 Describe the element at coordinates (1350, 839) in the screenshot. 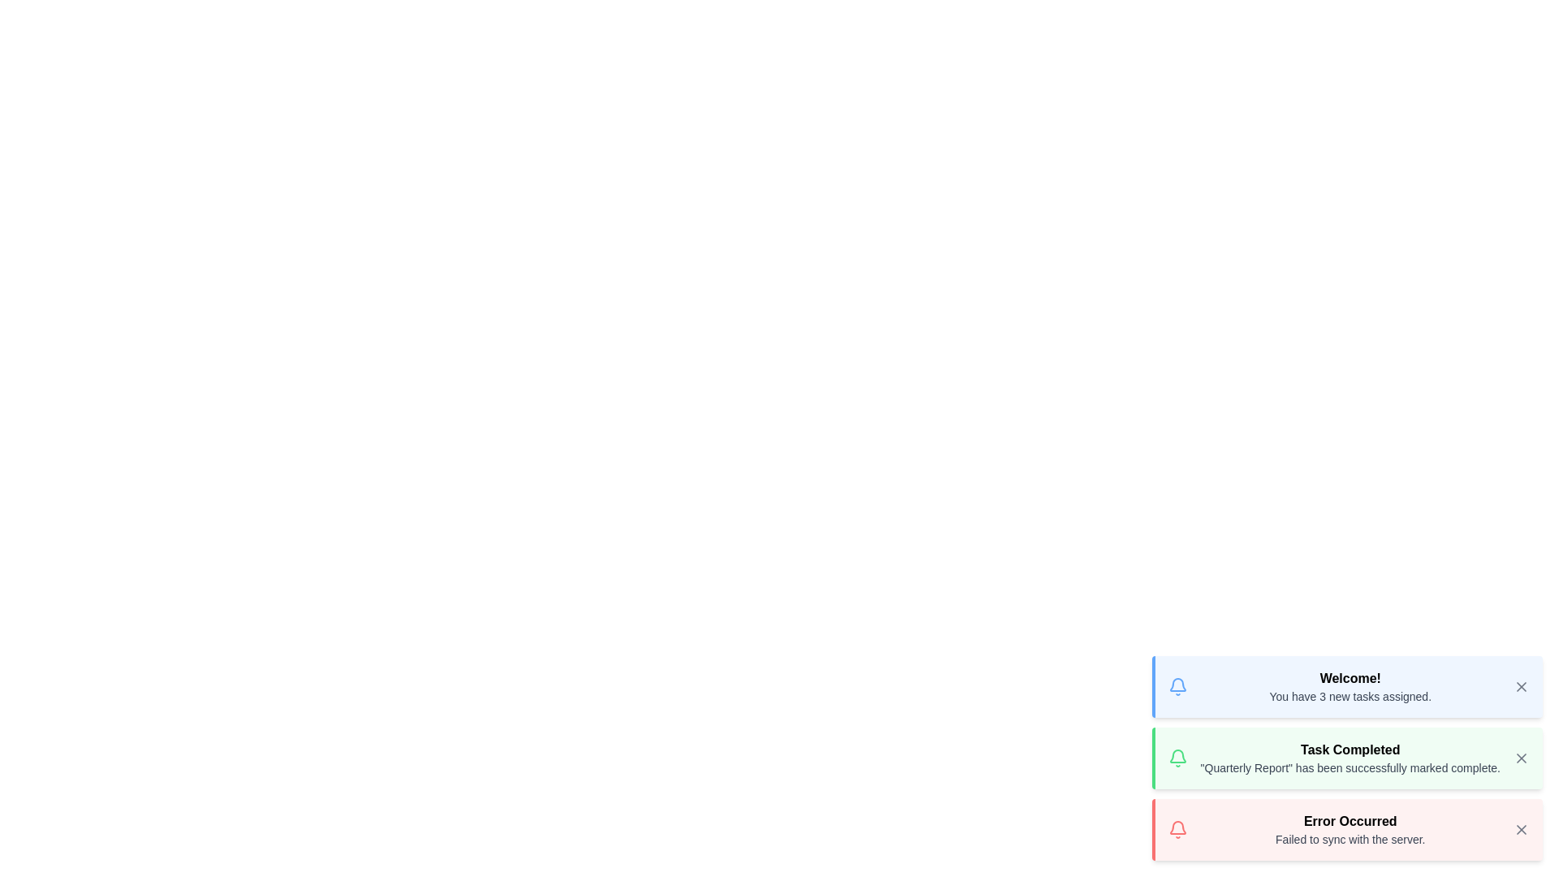

I see `the muted gray text that reads 'Failed to sync with the server.' which is positioned below the bold header 'Error Occurred' in the notification panel` at that location.